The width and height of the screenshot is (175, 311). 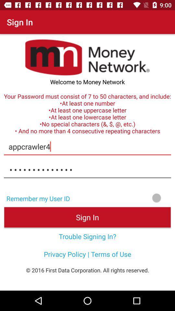 What do you see at coordinates (87, 169) in the screenshot?
I see `the appcrawler3116` at bounding box center [87, 169].